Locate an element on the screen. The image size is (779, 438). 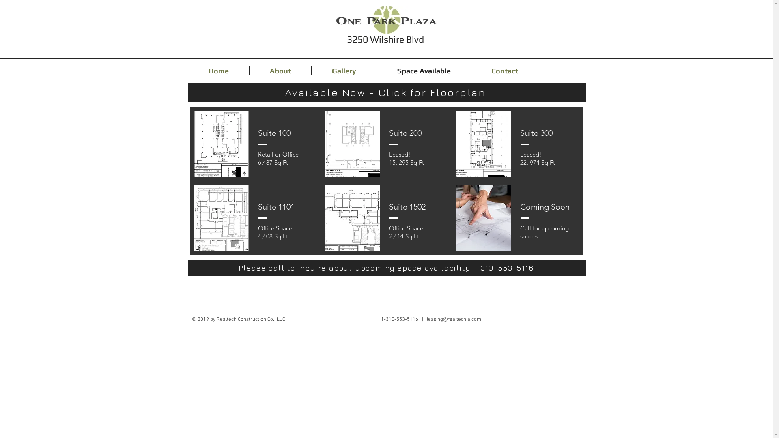
'Home' is located at coordinates (218, 70).